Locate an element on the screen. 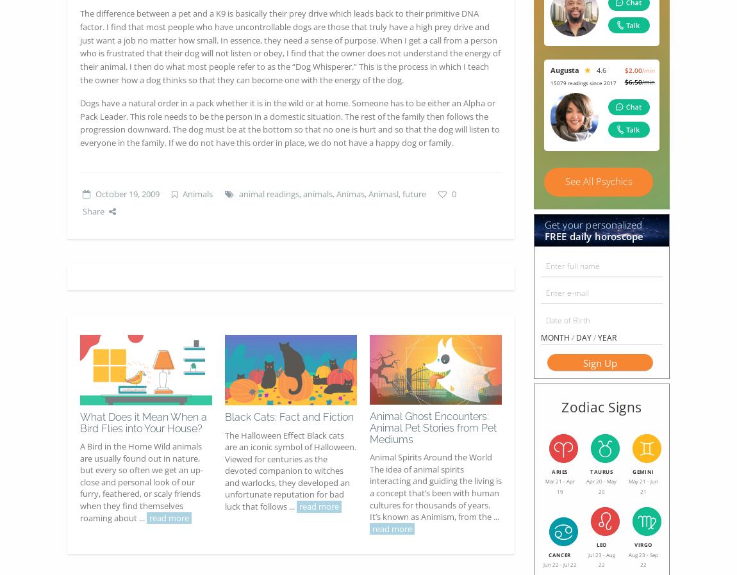  'future' is located at coordinates (413, 193).